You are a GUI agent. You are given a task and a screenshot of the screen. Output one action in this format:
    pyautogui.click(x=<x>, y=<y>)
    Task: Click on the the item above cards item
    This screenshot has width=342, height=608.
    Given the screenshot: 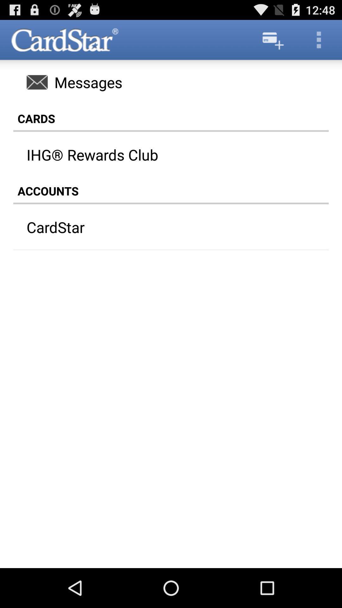 What is the action you would take?
    pyautogui.click(x=171, y=82)
    